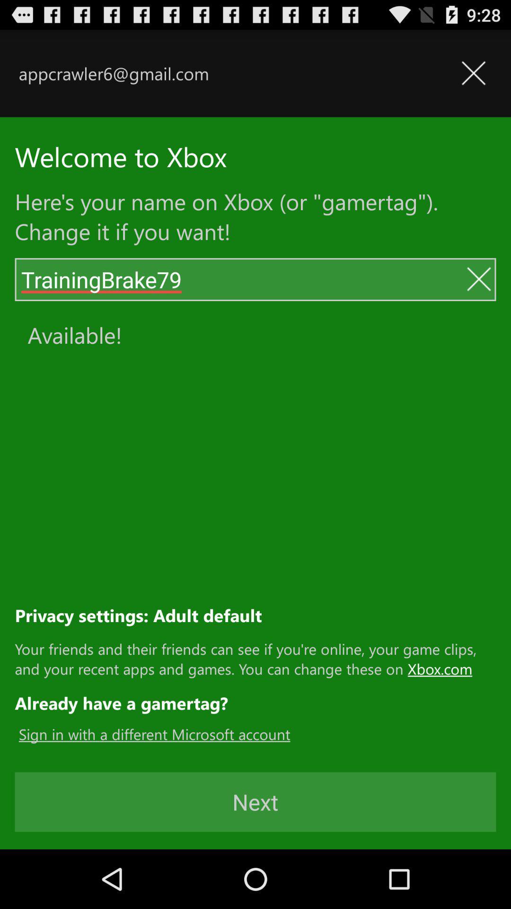 The image size is (511, 909). I want to click on the close button beside the text appcrawlergmailcom, so click(473, 73).